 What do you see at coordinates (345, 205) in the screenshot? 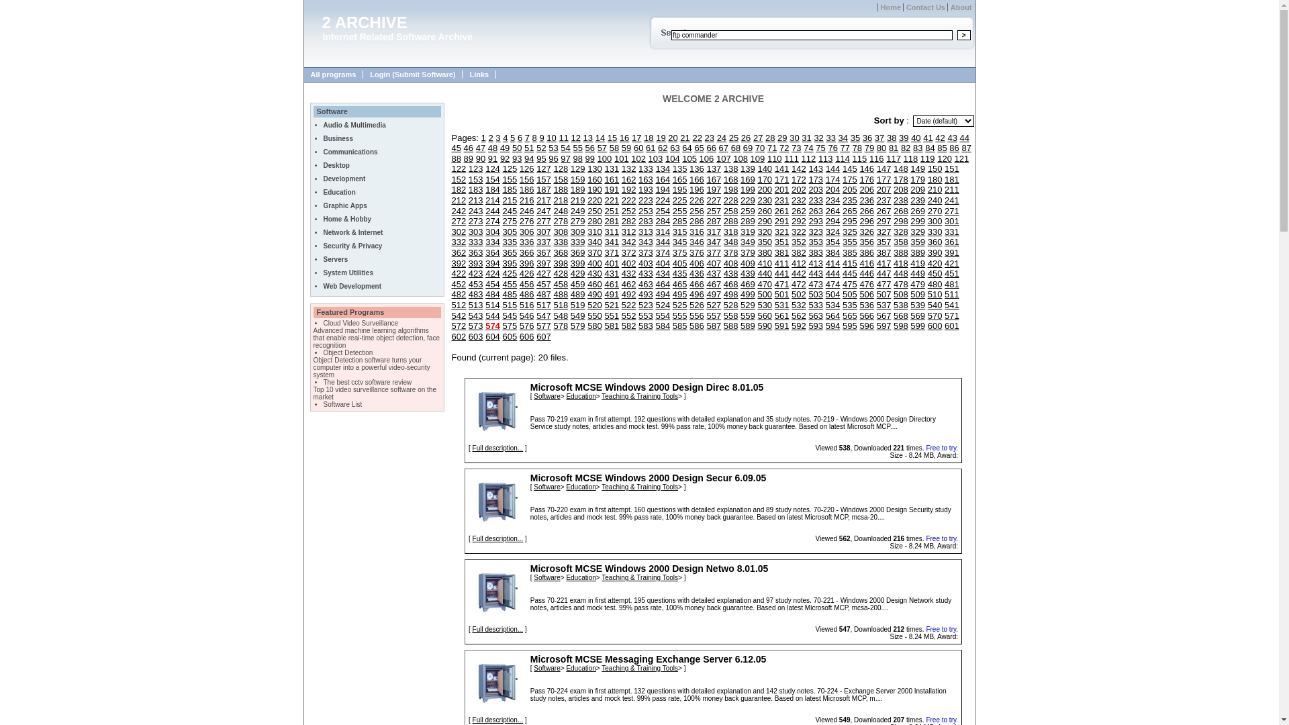
I see `'Graphic Apps'` at bounding box center [345, 205].